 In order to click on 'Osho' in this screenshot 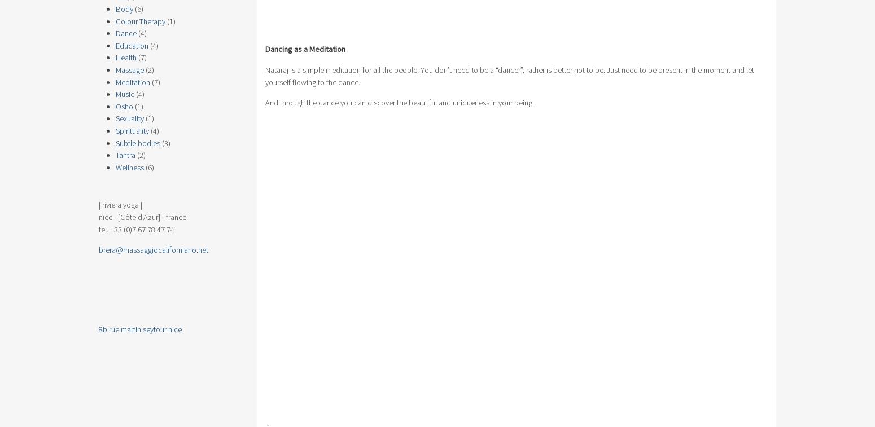, I will do `click(115, 105)`.